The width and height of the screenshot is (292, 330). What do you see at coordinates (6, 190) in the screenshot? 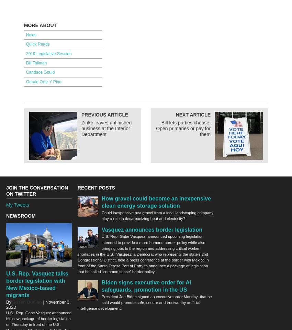
I see `'Join the Conversation on Twitter'` at bounding box center [6, 190].